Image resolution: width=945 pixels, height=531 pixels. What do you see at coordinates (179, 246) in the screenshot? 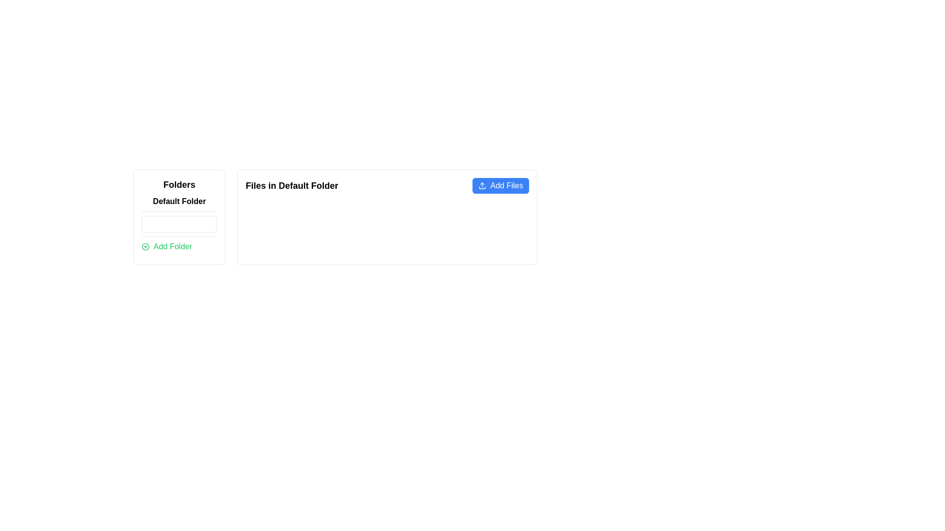
I see `the button-like item for adding a new folder, located at the bottom of the 'Folders' section` at bounding box center [179, 246].